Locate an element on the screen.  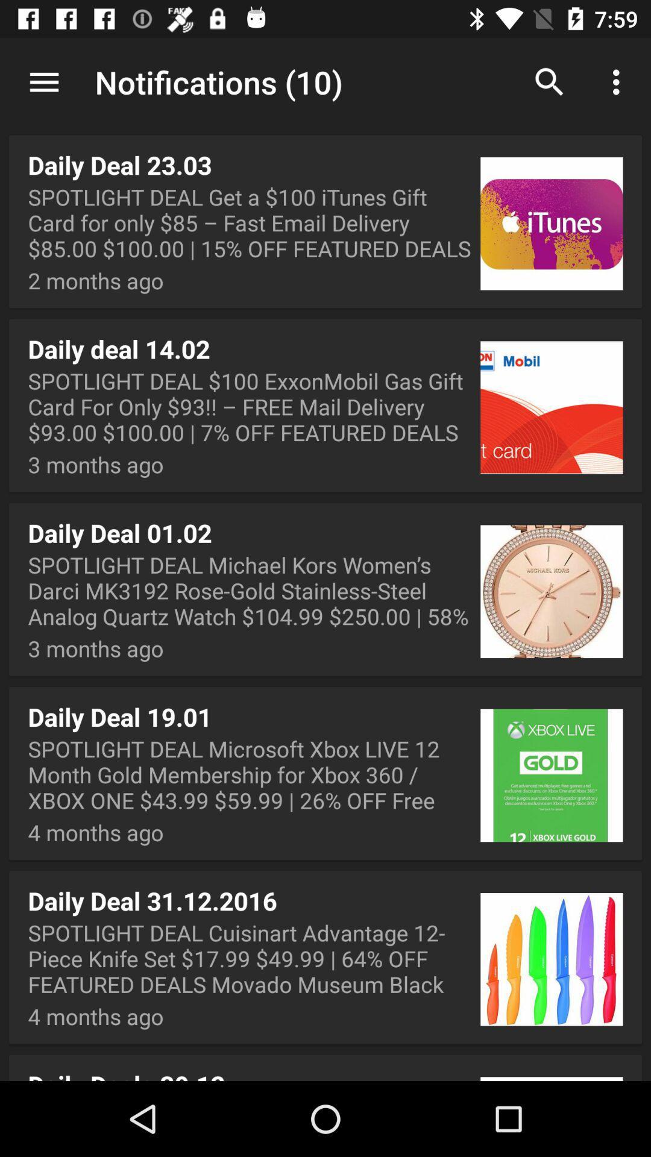
the app to the left of notifications (10) is located at coordinates (43, 81).